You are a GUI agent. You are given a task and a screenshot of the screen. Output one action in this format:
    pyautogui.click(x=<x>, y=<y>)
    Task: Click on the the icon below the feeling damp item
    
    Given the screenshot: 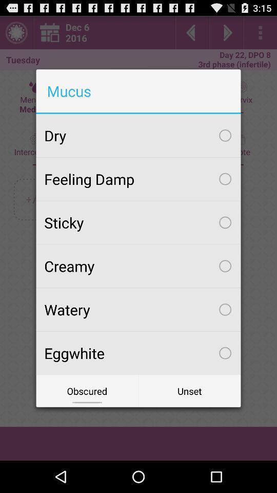 What is the action you would take?
    pyautogui.click(x=138, y=222)
    